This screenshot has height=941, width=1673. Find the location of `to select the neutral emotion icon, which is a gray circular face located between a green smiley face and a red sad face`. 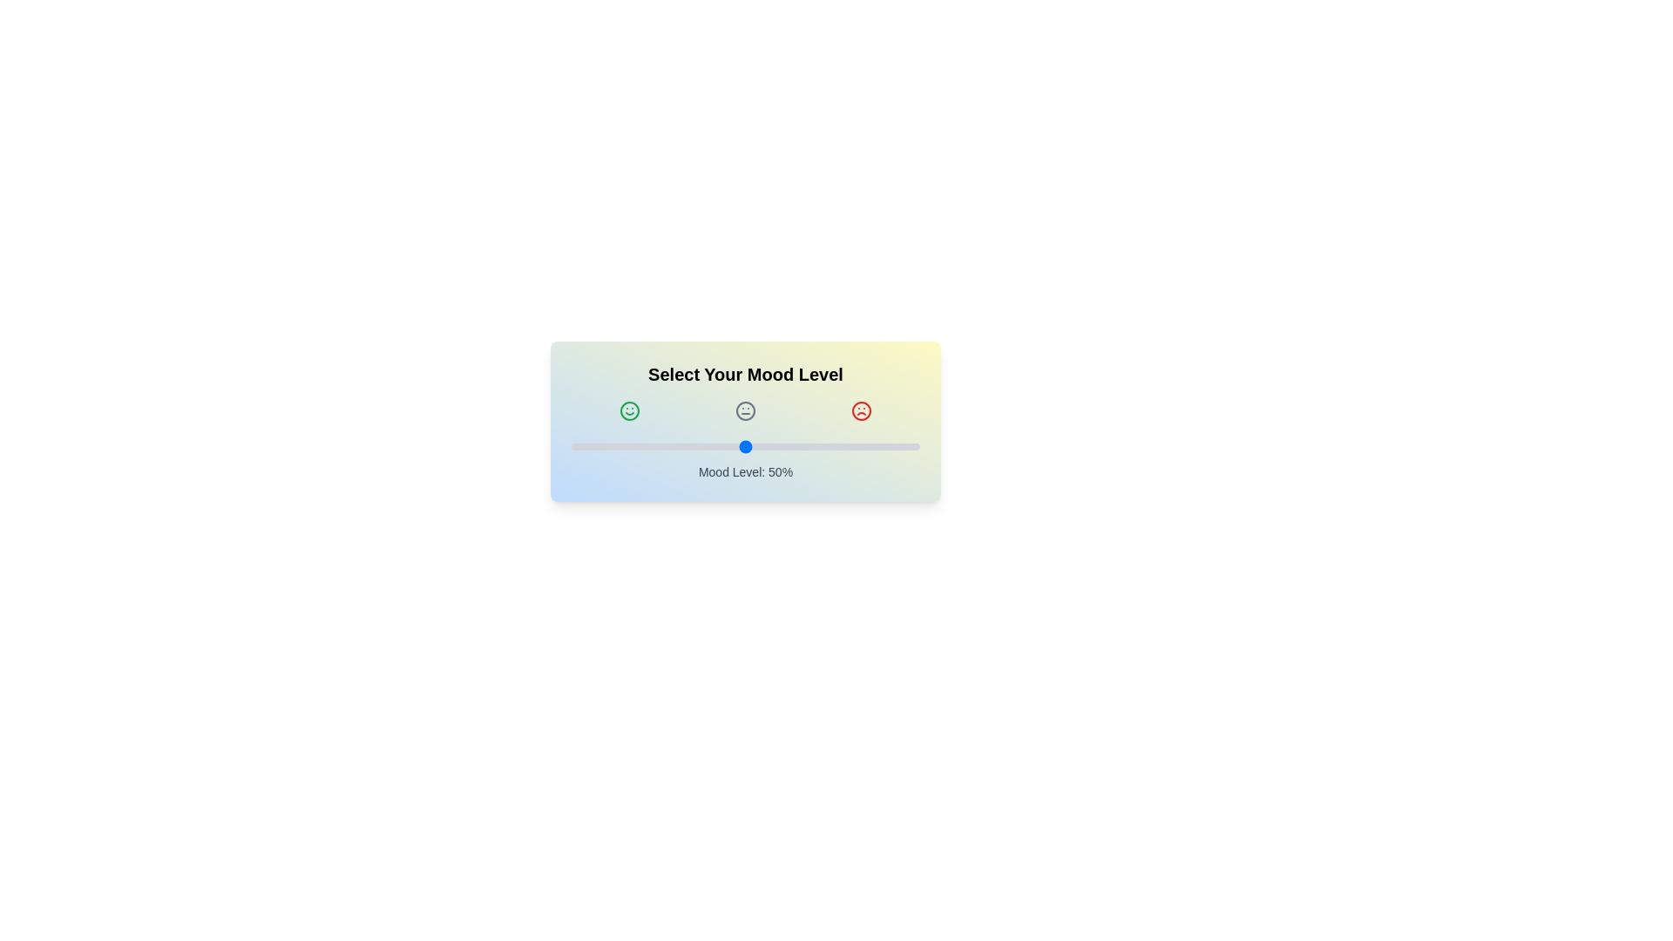

to select the neutral emotion icon, which is a gray circular face located between a green smiley face and a red sad face is located at coordinates (745, 410).